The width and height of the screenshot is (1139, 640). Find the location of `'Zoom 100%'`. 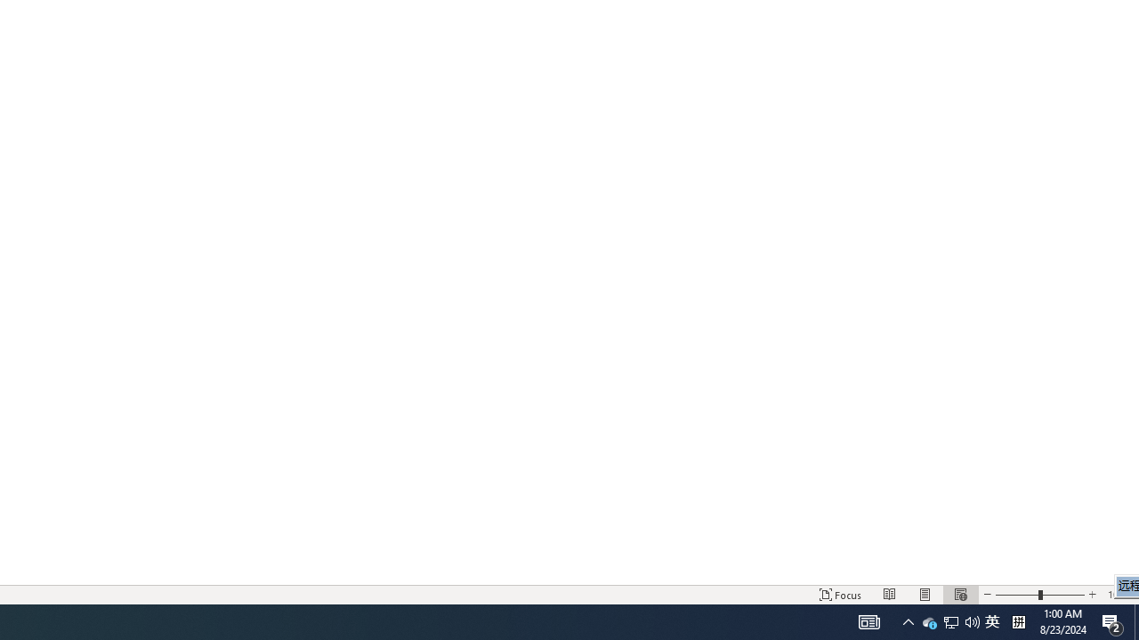

'Zoom 100%' is located at coordinates (1119, 595).